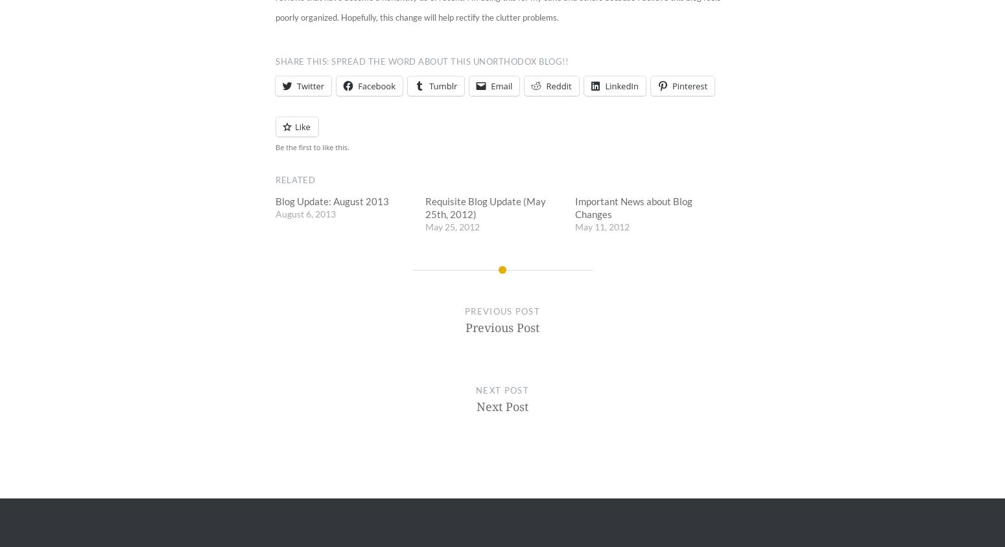  I want to click on 'Share this: Spread the word about this unorthodox blog!!', so click(421, 60).